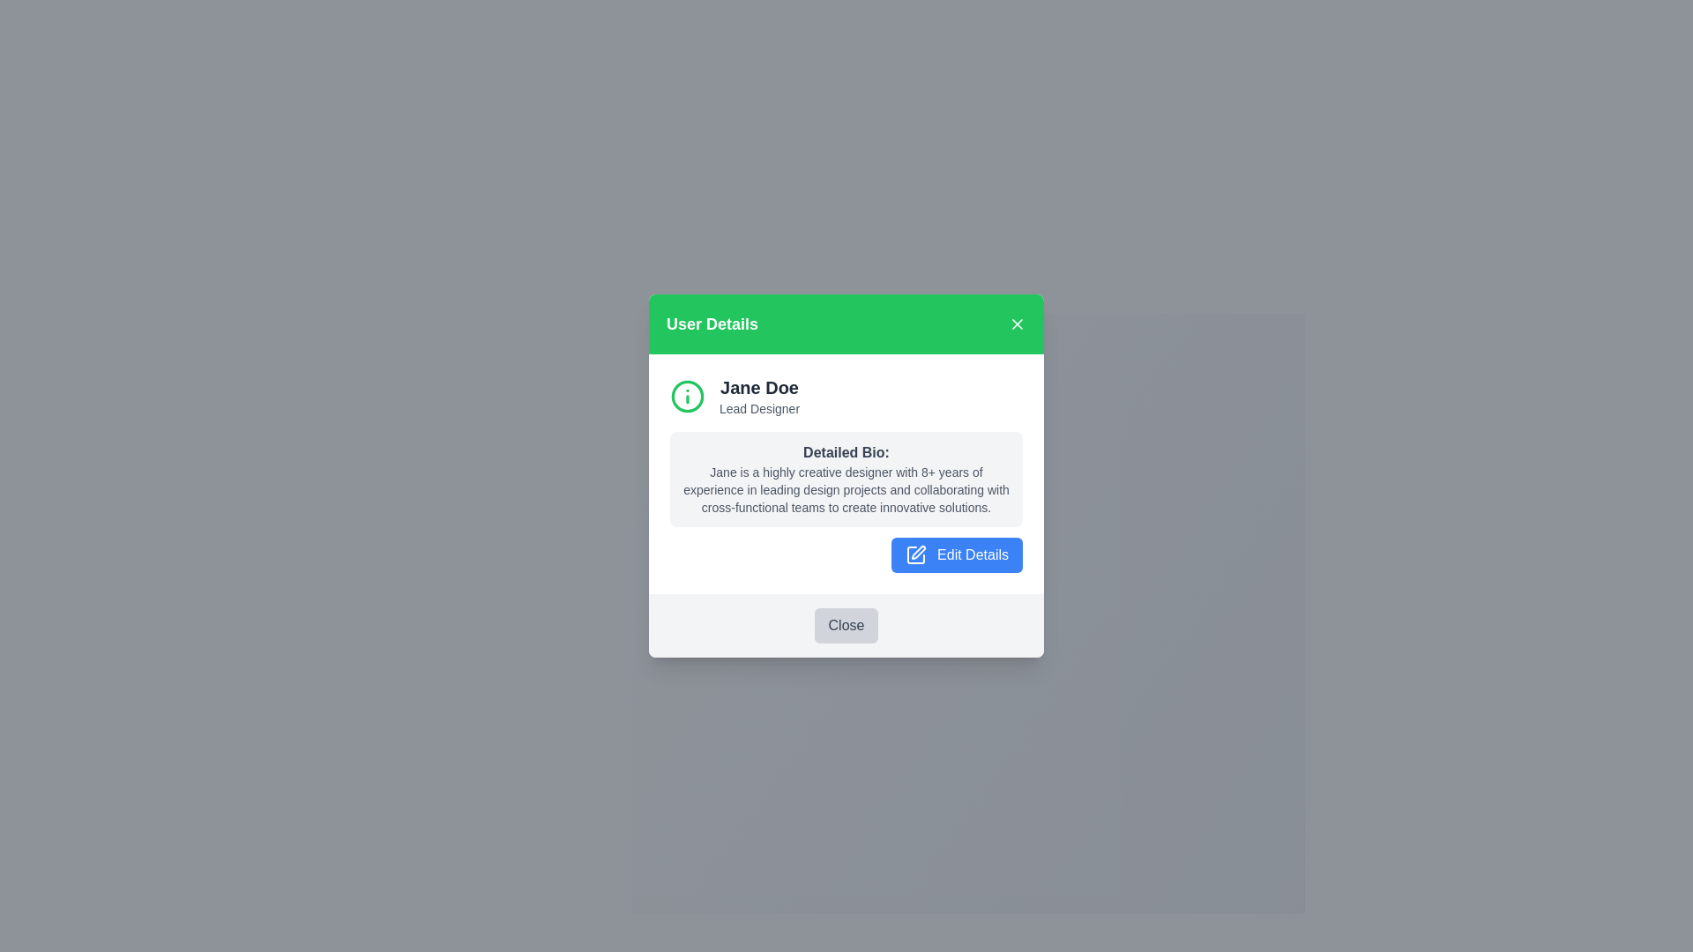  Describe the element at coordinates (686, 394) in the screenshot. I see `the decorative icon that identifies the informational block about the user, located to the left of the text block containing 'Jane Doe' and 'Lead Designer'` at that location.